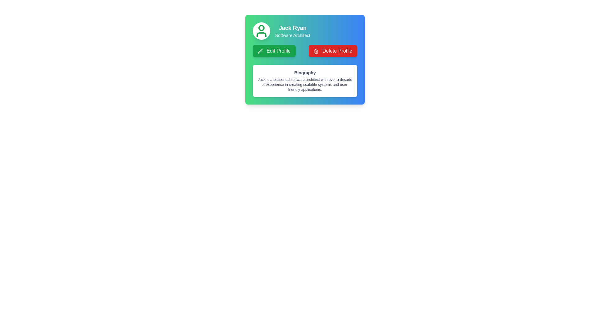 This screenshot has width=597, height=336. I want to click on the static text element displaying the user's name and role, located in the upper-right corner of the header of a card layout, to the right of the user profile icon, so click(292, 31).